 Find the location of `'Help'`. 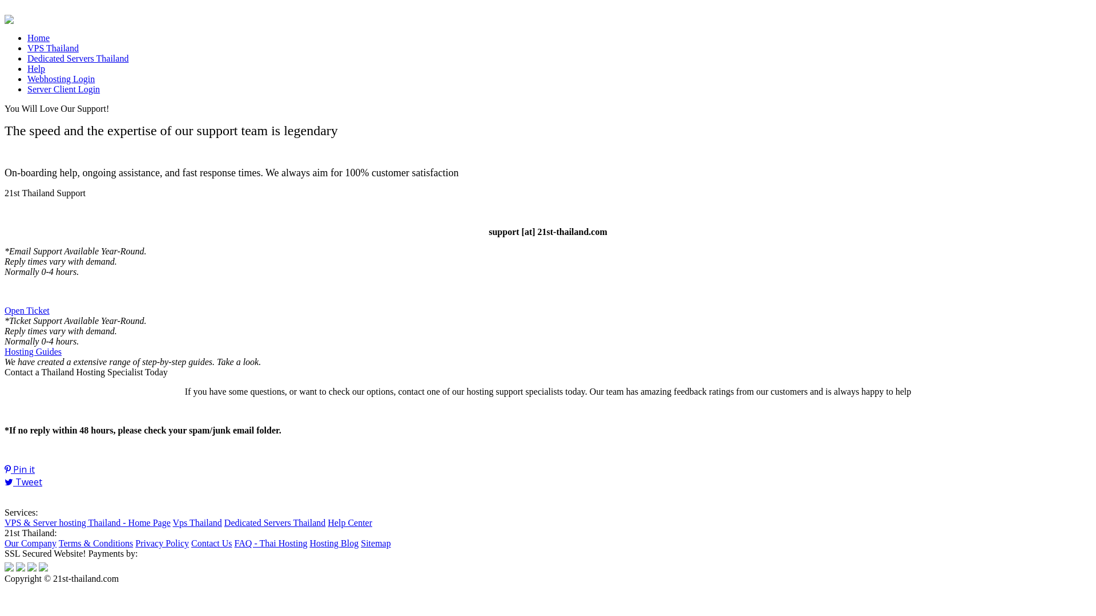

'Help' is located at coordinates (36, 68).